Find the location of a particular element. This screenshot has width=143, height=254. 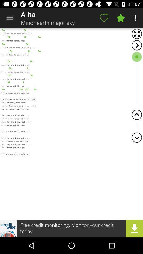

the fullscreen icon is located at coordinates (137, 34).